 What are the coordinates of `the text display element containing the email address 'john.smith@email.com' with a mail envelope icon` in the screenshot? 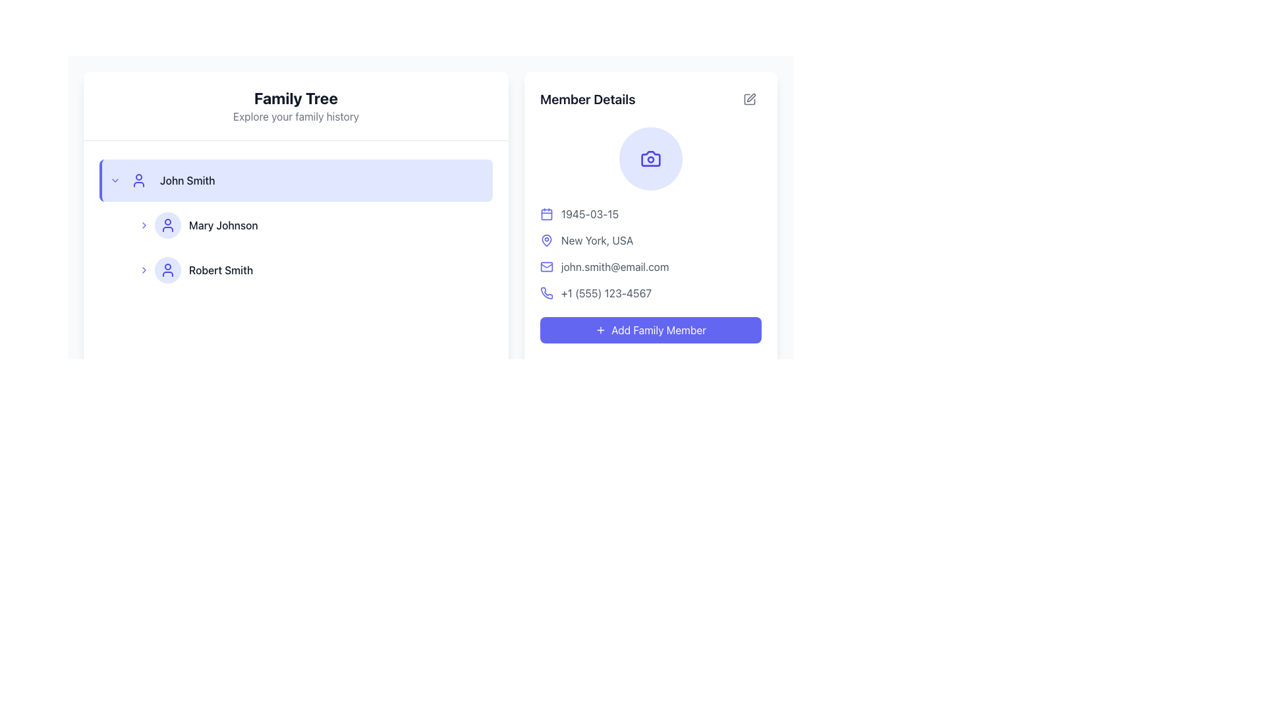 It's located at (651, 267).